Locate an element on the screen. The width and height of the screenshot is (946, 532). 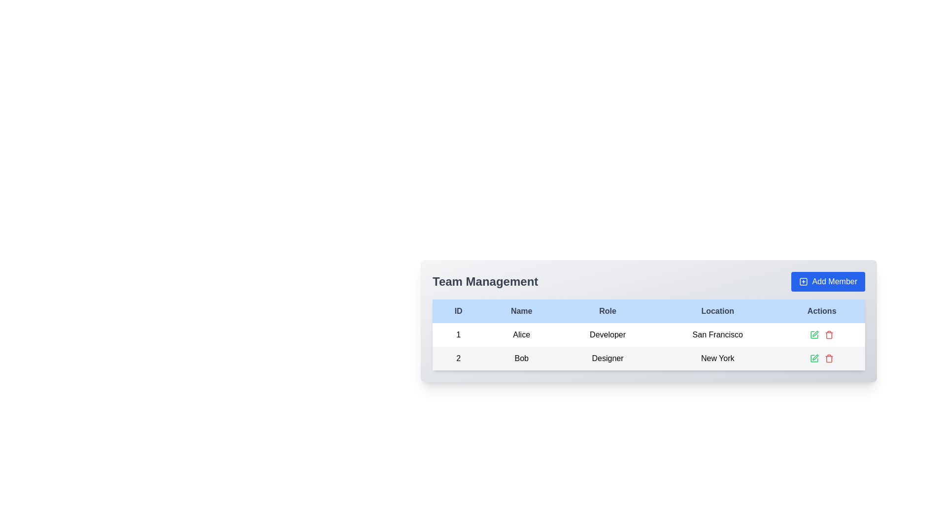
the static text label serving as the table column header for identification numbers in the 'Team Management' section is located at coordinates (458, 311).